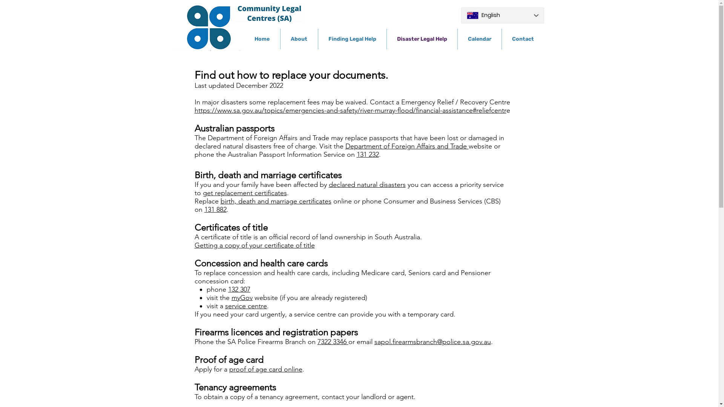 The height and width of the screenshot is (407, 724). Describe the element at coordinates (275, 200) in the screenshot. I see `'birth, death and marriage certificates'` at that location.